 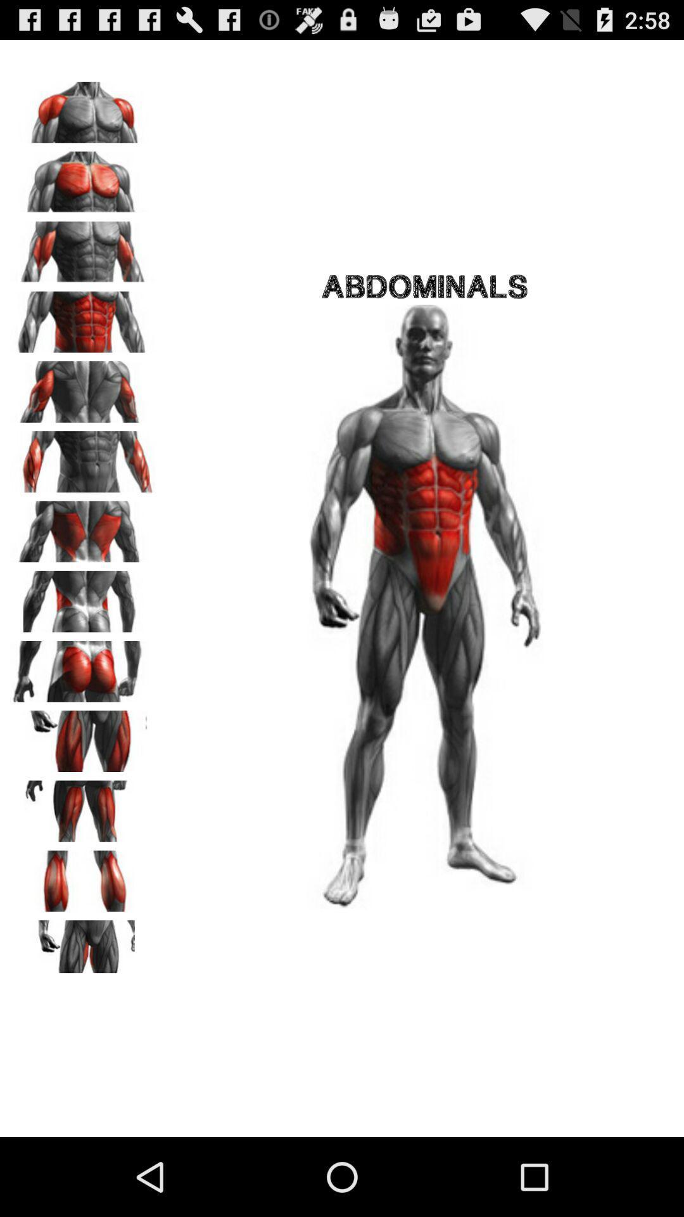 I want to click on switch muscle group, so click(x=83, y=806).